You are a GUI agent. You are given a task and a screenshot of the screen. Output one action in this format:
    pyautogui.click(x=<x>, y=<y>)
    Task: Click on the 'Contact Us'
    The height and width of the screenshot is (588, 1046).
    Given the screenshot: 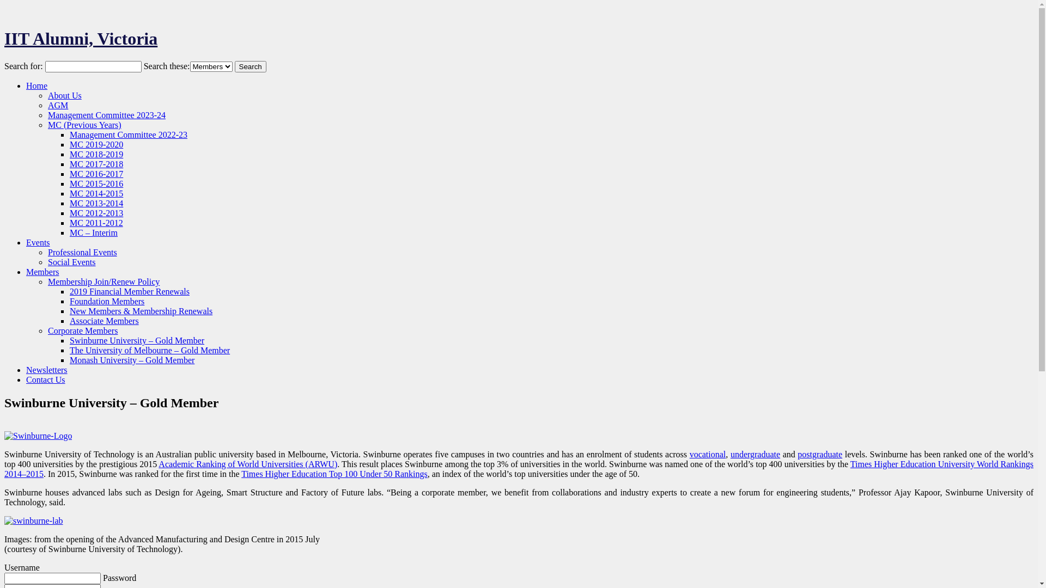 What is the action you would take?
    pyautogui.click(x=26, y=379)
    